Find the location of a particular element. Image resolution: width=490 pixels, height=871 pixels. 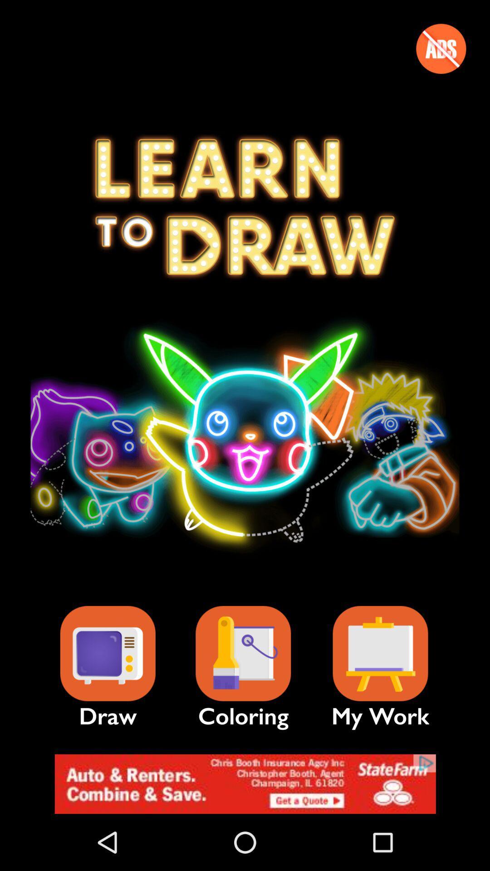

your saved work is located at coordinates (380, 654).